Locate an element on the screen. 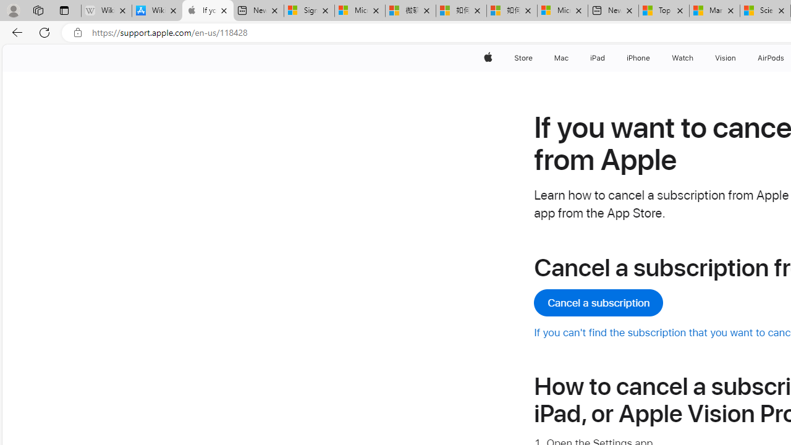 The width and height of the screenshot is (791, 445). 'Store' is located at coordinates (523, 57).